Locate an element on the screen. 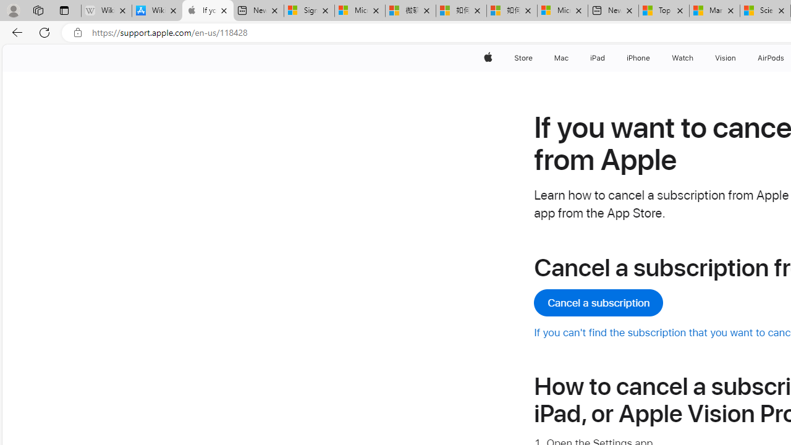 The width and height of the screenshot is (791, 445). 'Store' is located at coordinates (523, 57).